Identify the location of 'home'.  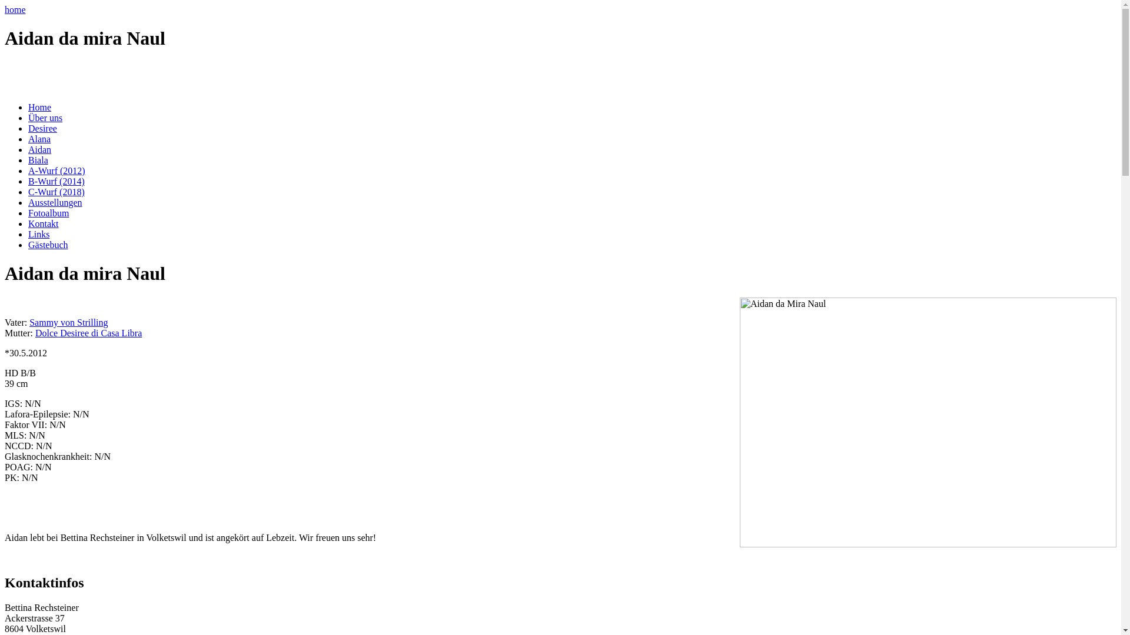
(15, 9).